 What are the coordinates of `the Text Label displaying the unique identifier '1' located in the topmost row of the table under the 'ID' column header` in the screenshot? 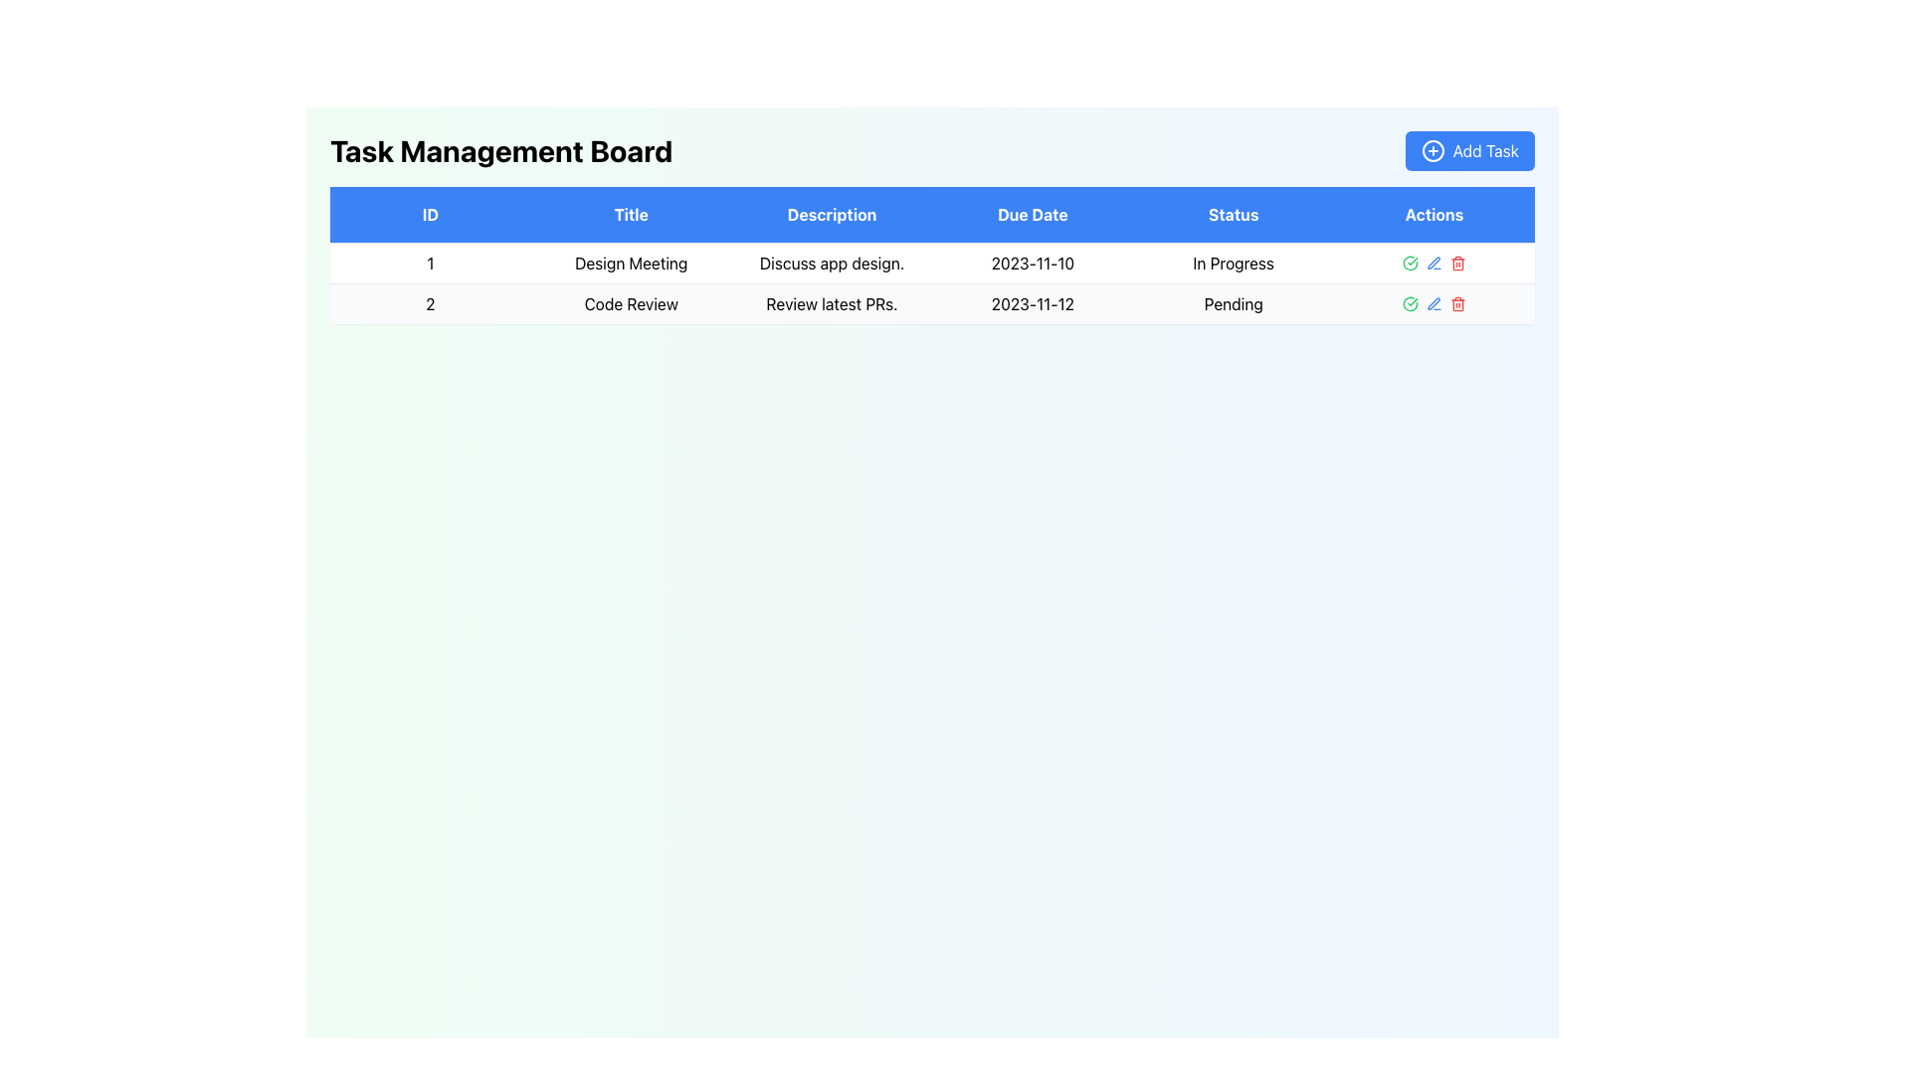 It's located at (429, 263).